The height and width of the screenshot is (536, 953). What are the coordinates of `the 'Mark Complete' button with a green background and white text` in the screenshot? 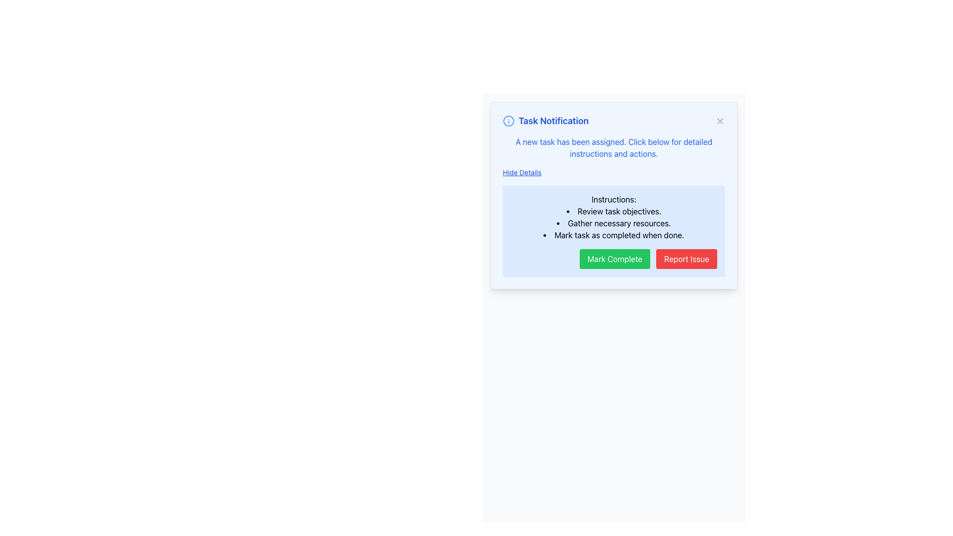 It's located at (614, 258).